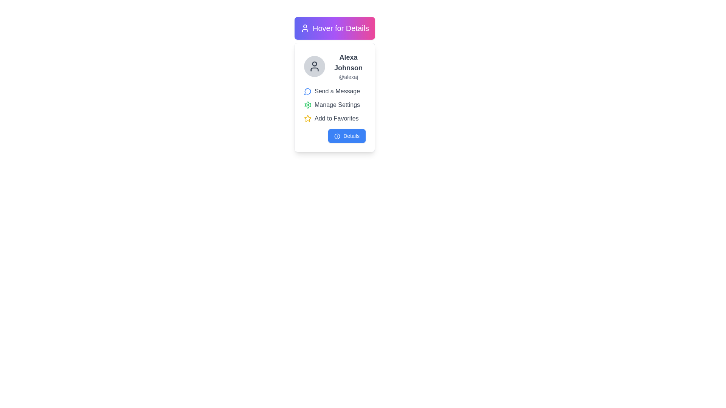  Describe the element at coordinates (334, 66) in the screenshot. I see `the username 'Alexa Johnson' in the user profile summary display` at that location.